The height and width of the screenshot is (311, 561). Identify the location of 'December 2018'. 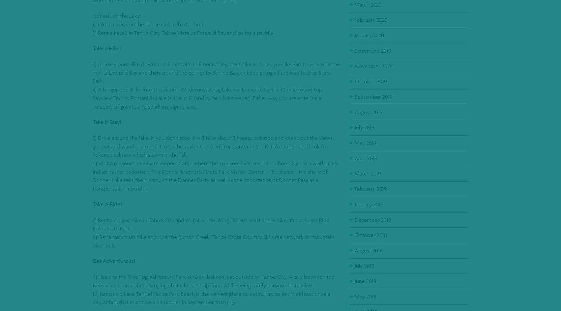
(372, 219).